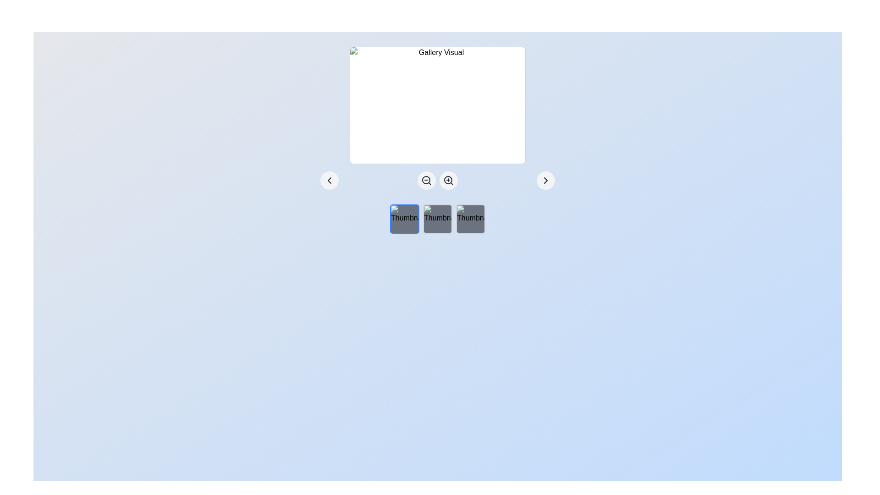  I want to click on the circular SVG element representing the lens of the magnifying glass in the zoom-out icon located at the bottom center of the interface, so click(426, 180).